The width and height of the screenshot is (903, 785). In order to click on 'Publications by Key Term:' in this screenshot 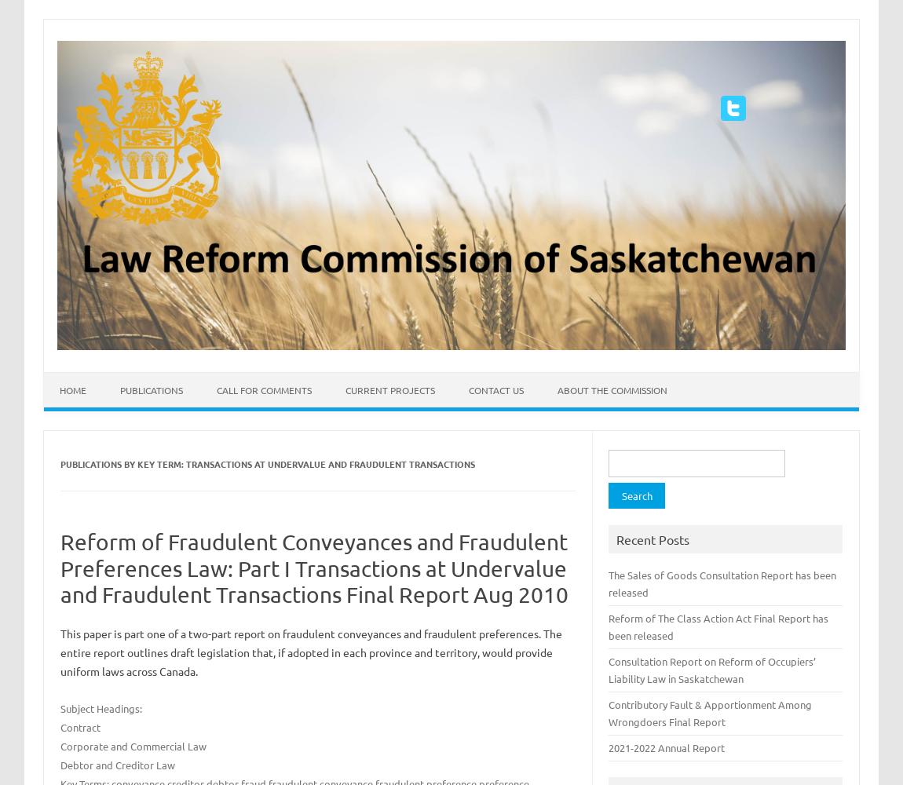, I will do `click(122, 463)`.